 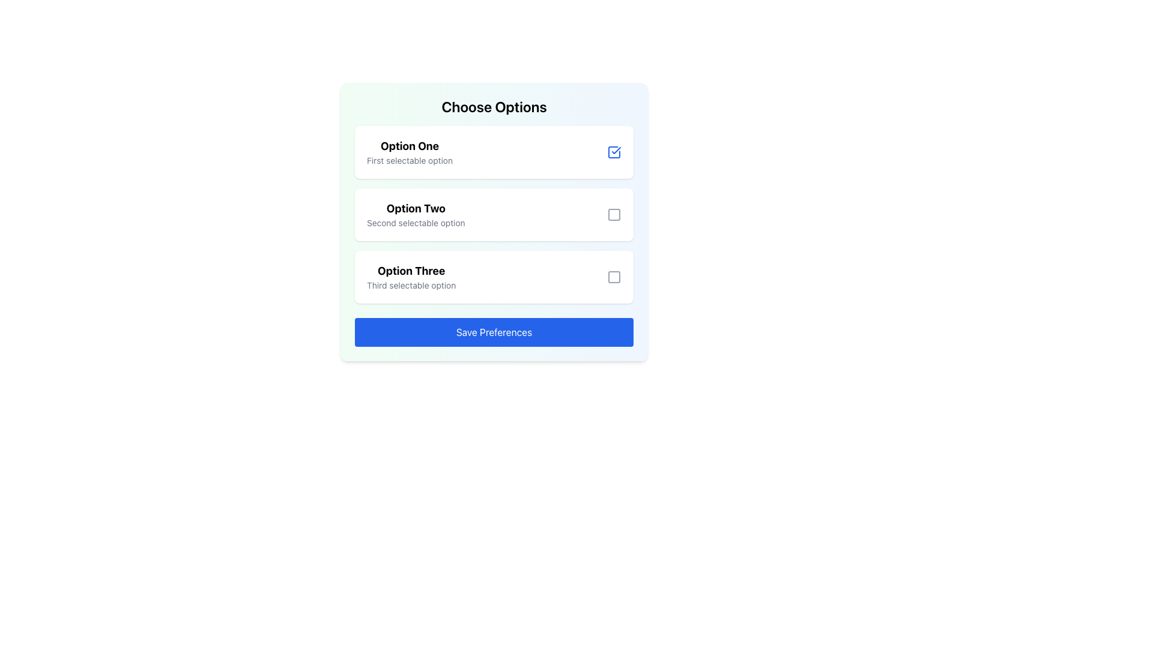 What do you see at coordinates (494, 152) in the screenshot?
I see `the topmost selectable option in the list` at bounding box center [494, 152].